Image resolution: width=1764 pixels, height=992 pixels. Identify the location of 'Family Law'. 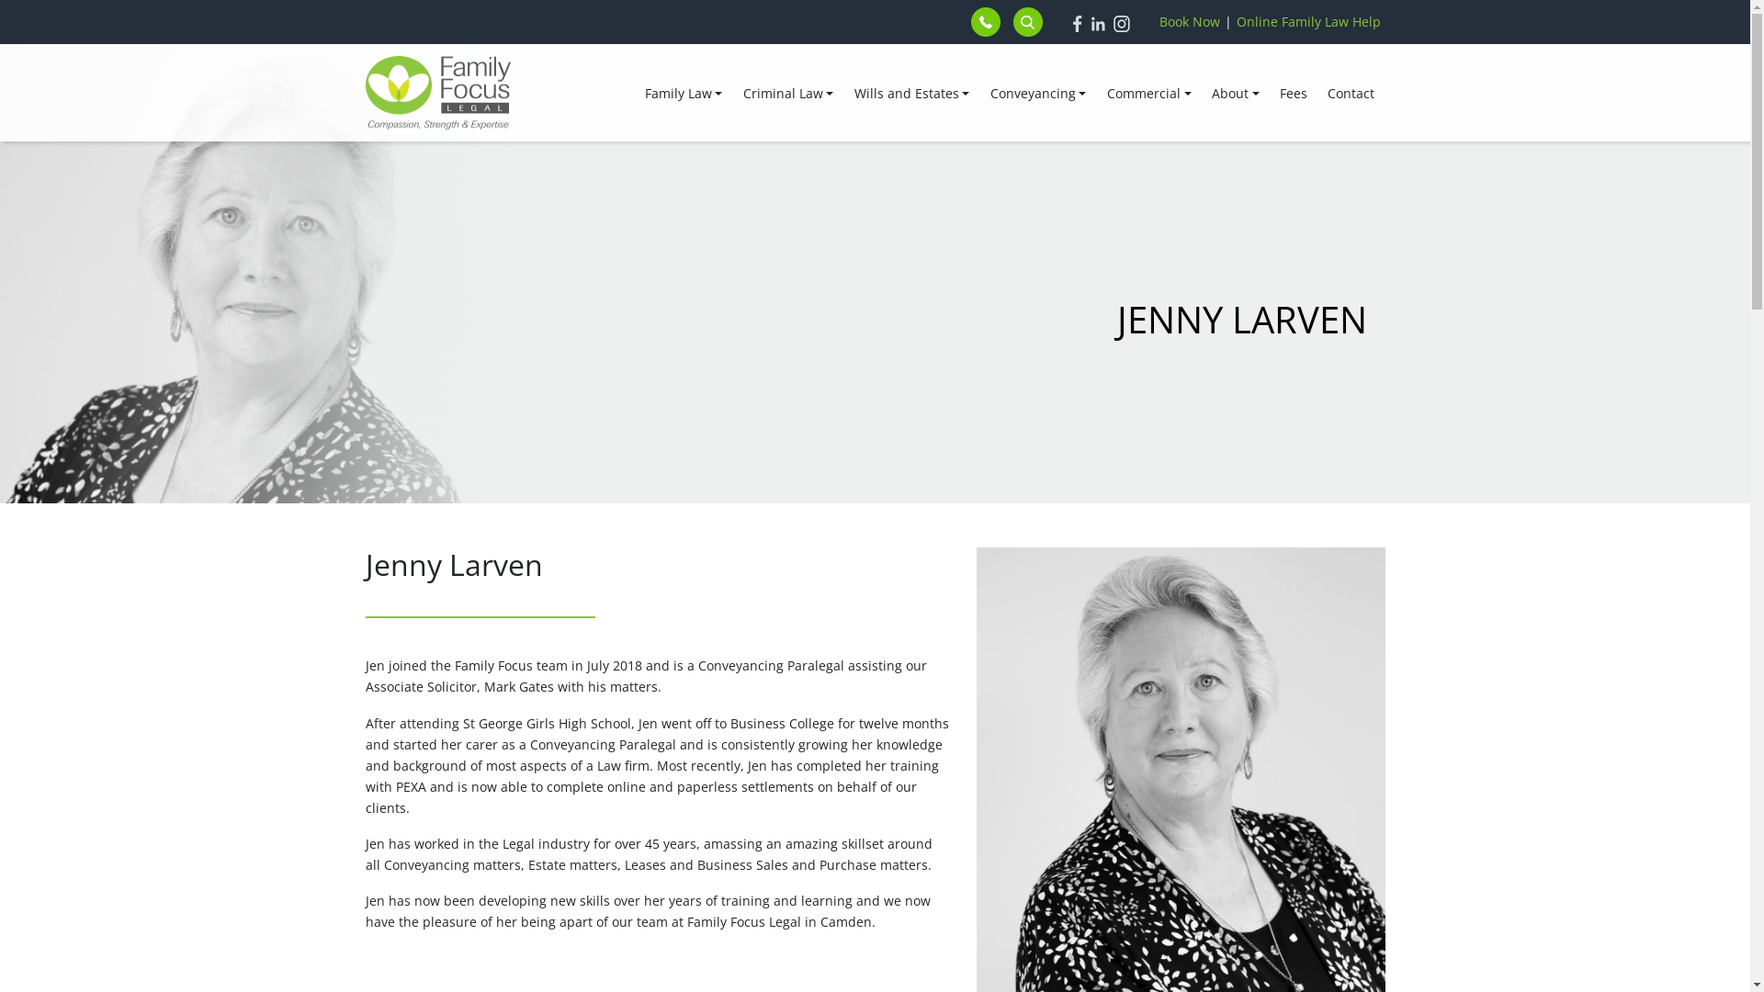
(634, 92).